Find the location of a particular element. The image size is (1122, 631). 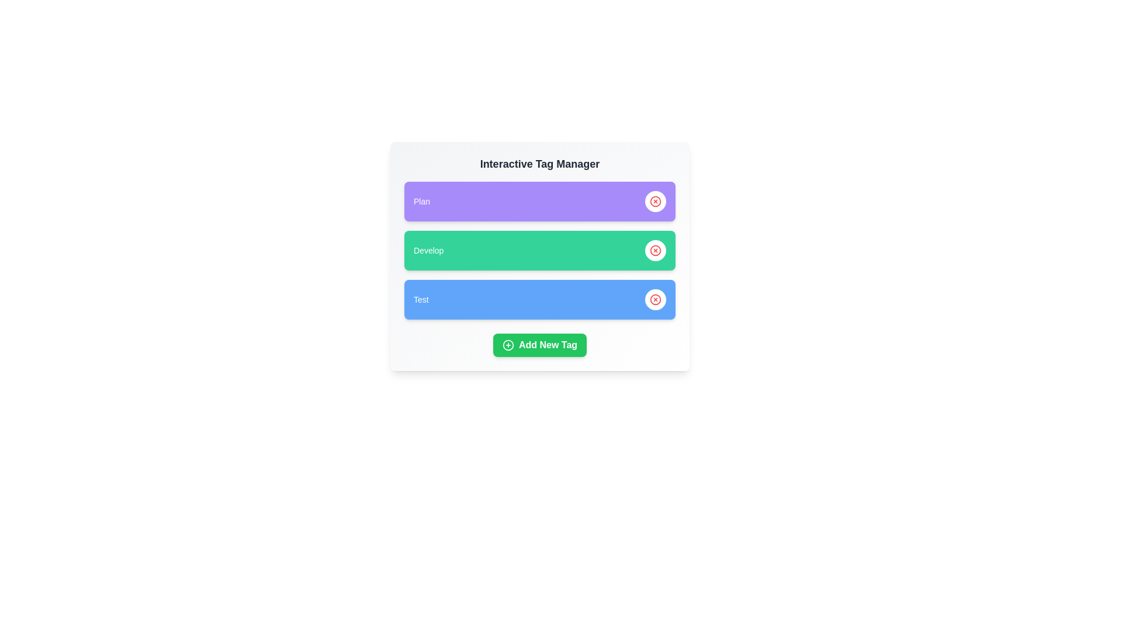

the 'Add New Tag' button to add a new tag is located at coordinates (539, 344).